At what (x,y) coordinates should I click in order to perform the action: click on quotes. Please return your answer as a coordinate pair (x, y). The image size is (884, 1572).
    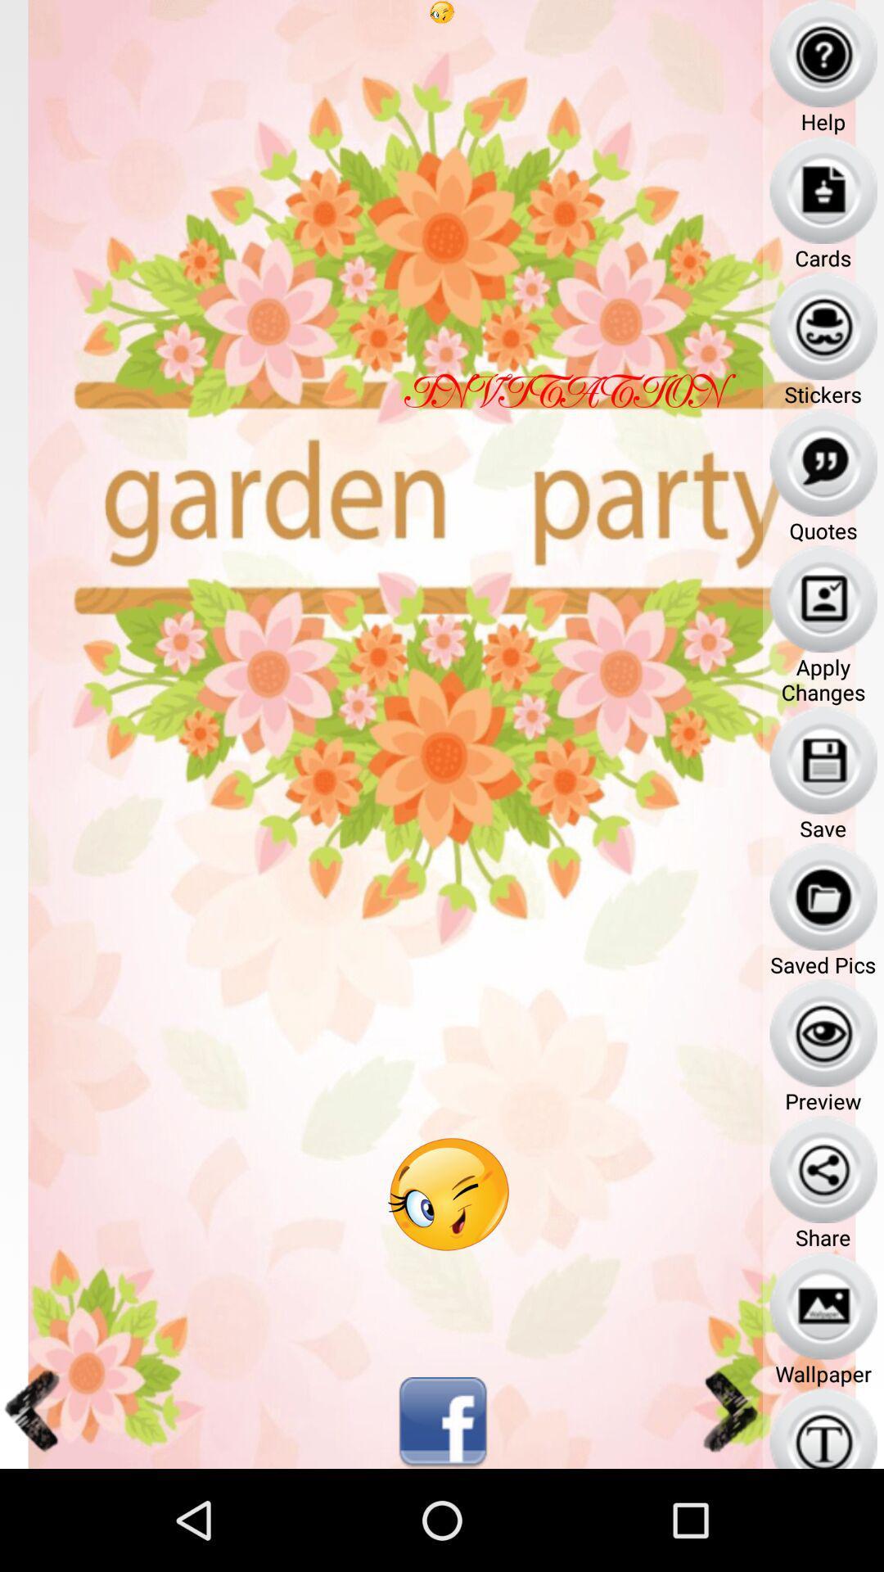
    Looking at the image, I should click on (823, 462).